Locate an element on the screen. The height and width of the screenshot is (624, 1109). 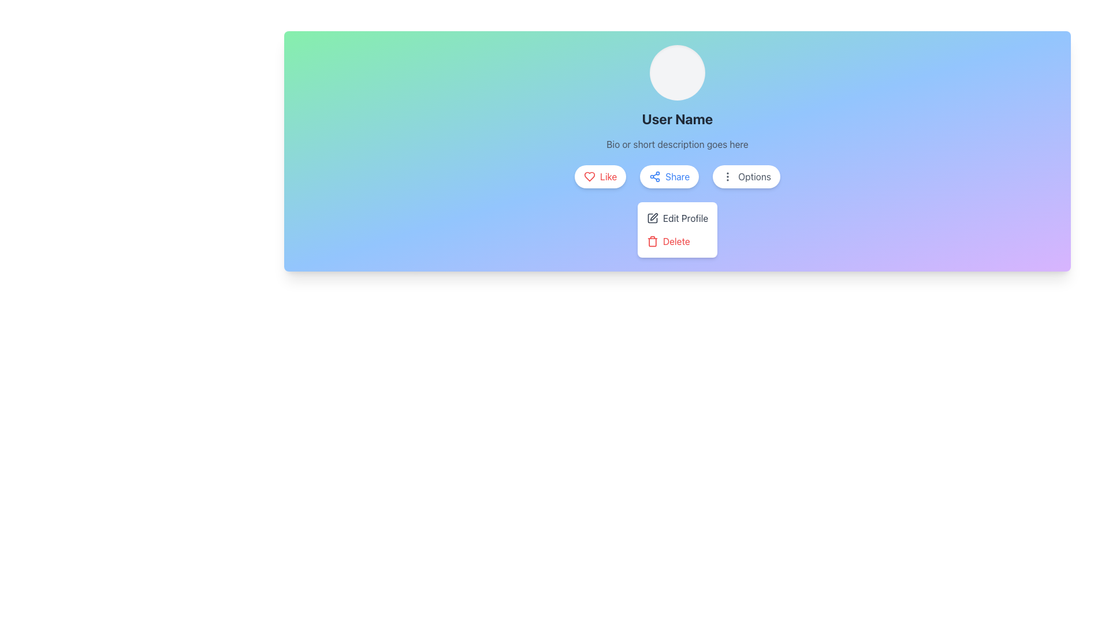
the 'Share' button which contains the SVG icon representing the sharing functionality, located between the 'Like' button and the 'Options' button is located at coordinates (655, 176).